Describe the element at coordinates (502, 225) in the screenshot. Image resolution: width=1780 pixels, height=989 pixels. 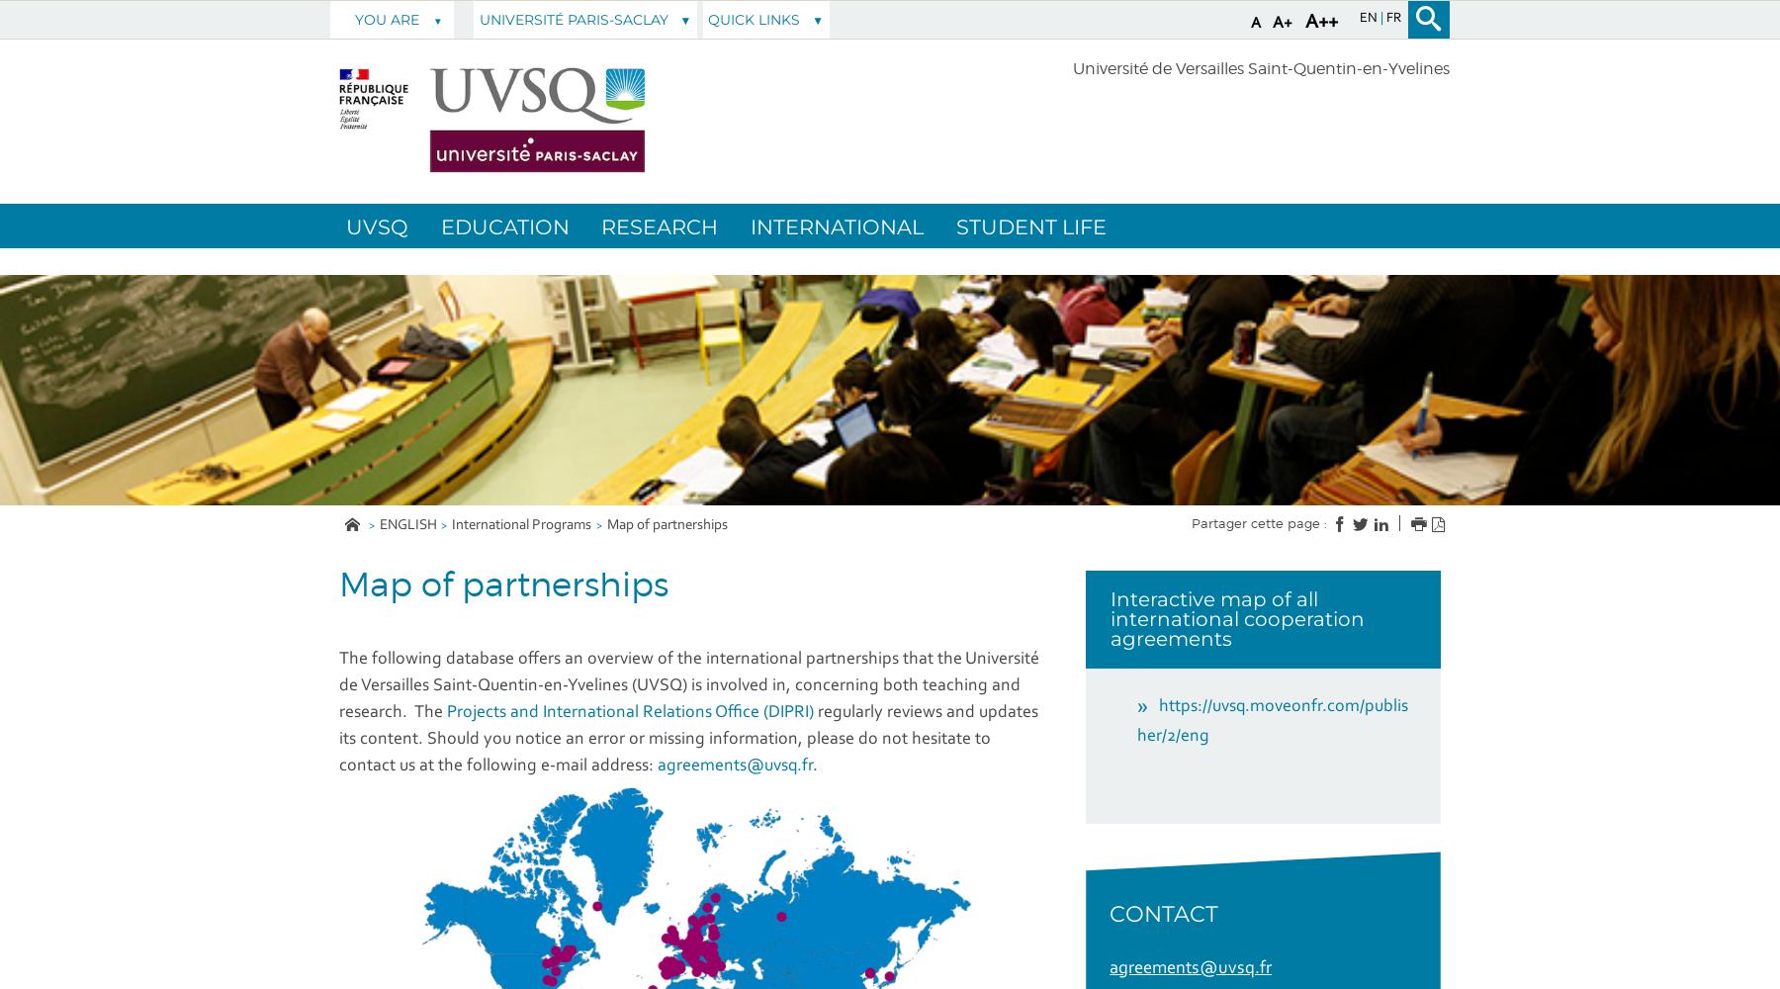
I see `'Education'` at that location.